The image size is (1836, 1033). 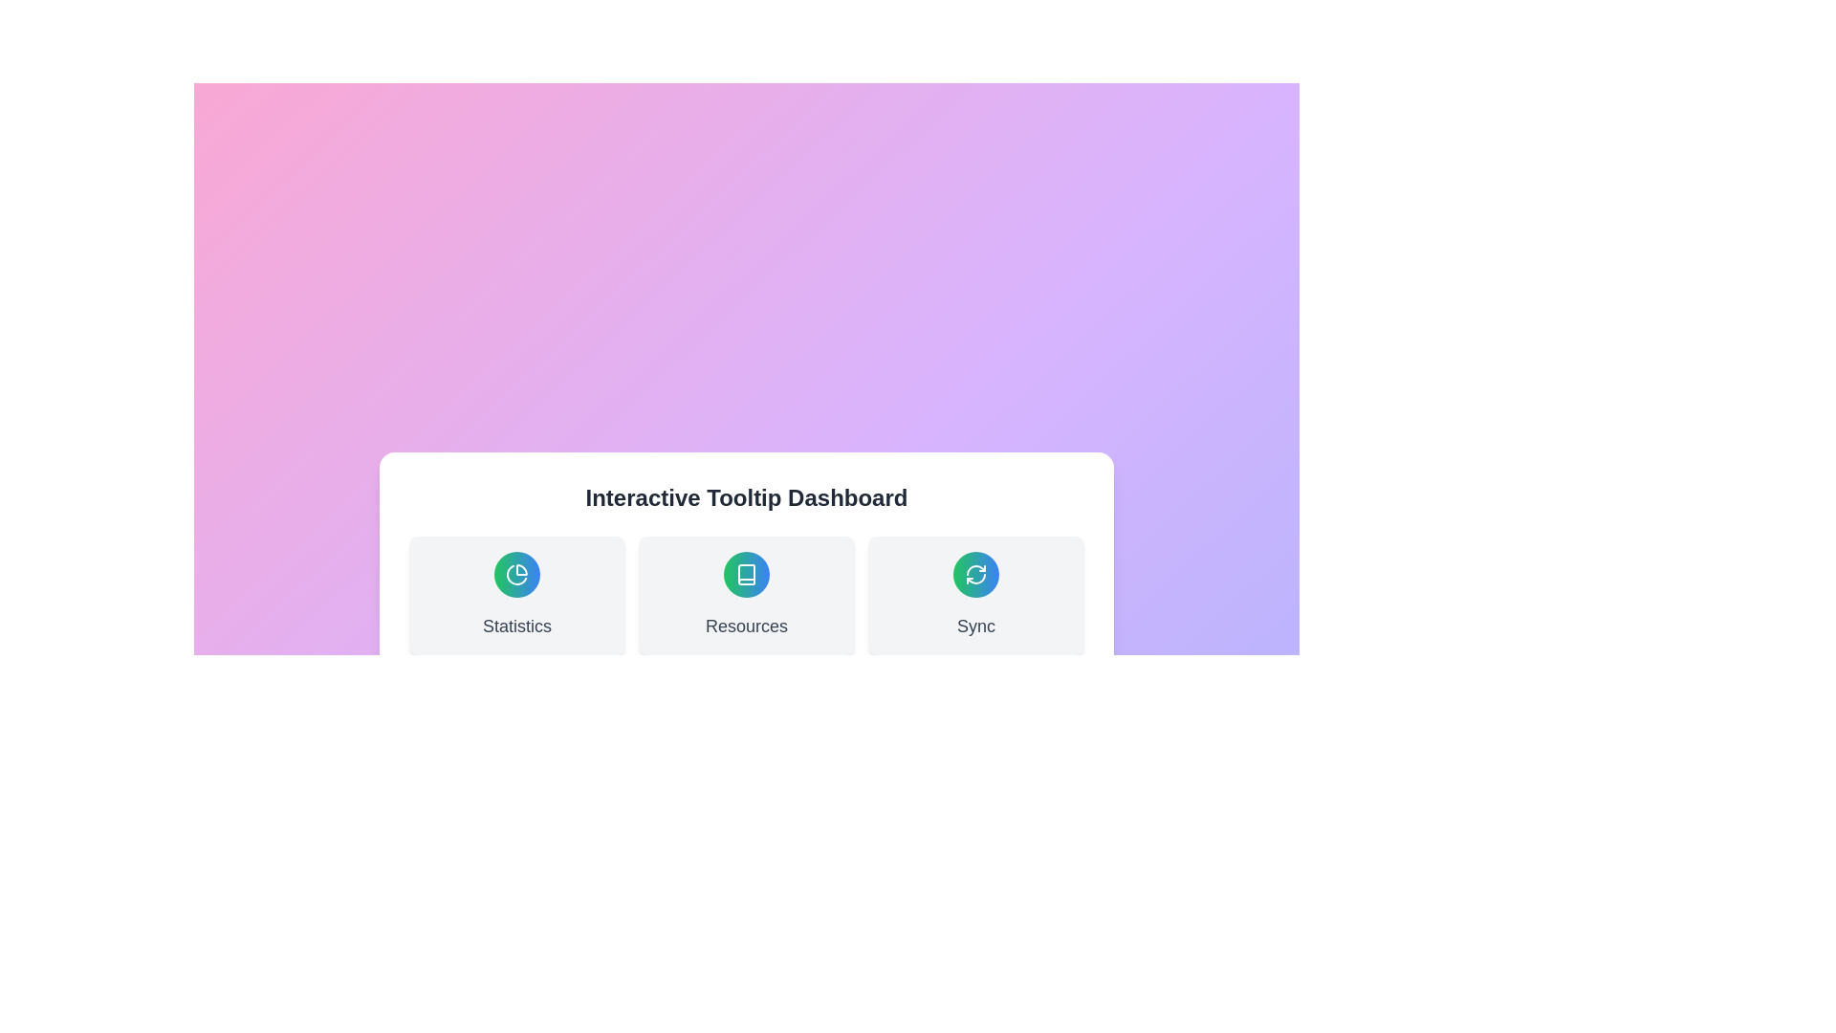 What do you see at coordinates (517, 574) in the screenshot?
I see `the pie chart icon button located in the leftmost position of the row in the 'Statistics' section` at bounding box center [517, 574].